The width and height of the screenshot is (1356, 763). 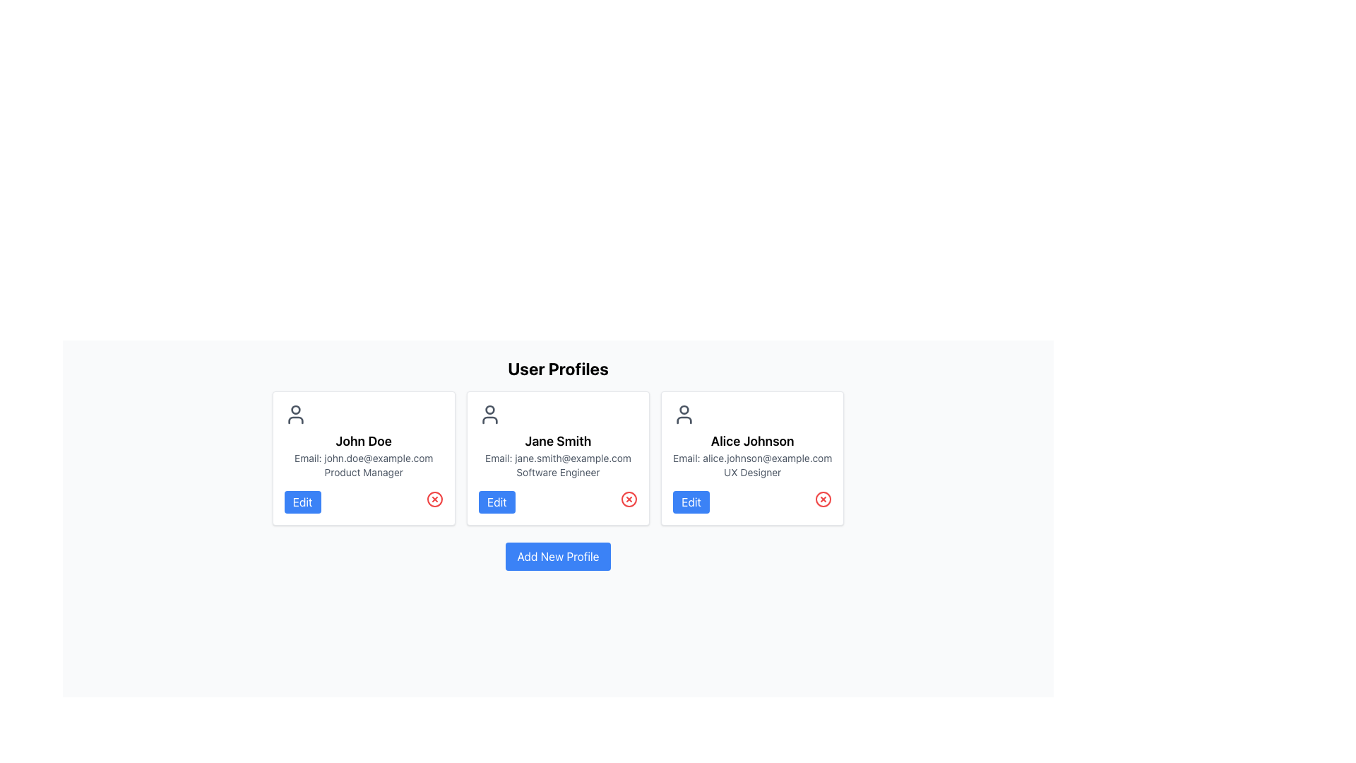 What do you see at coordinates (434, 498) in the screenshot?
I see `the circular delete button located at the bottom-right area of the 'John Doe' profile card` at bounding box center [434, 498].